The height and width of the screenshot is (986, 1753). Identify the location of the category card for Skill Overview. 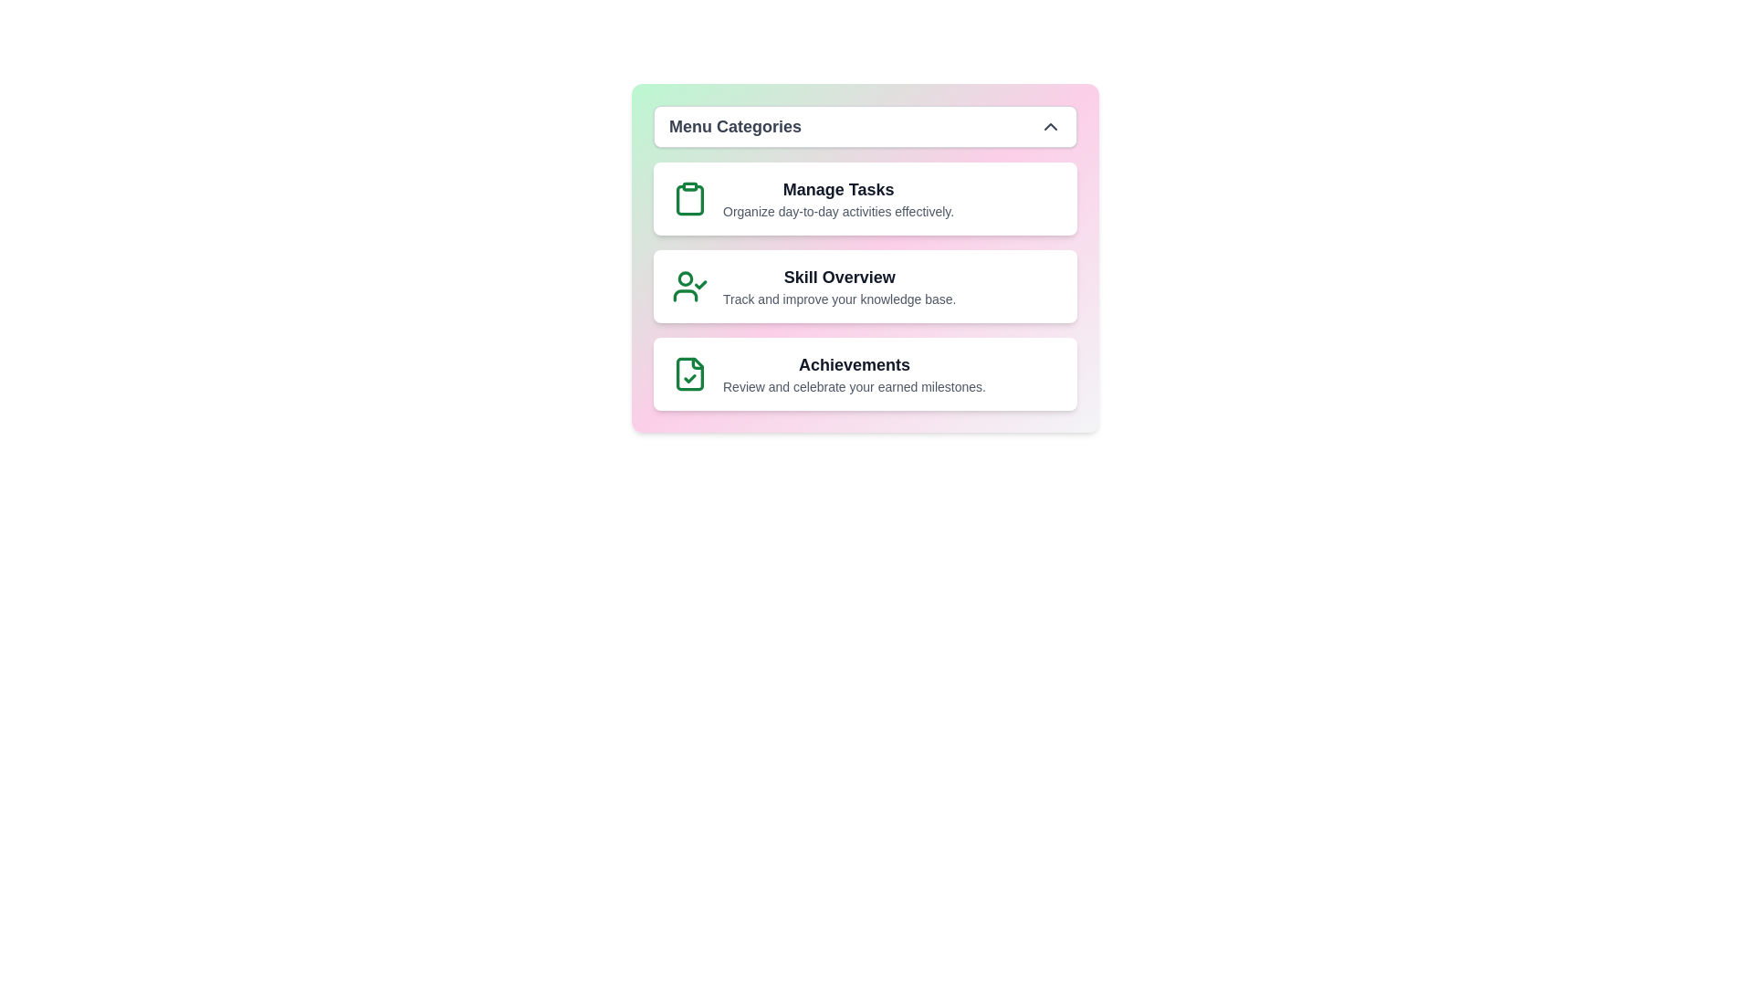
(865, 286).